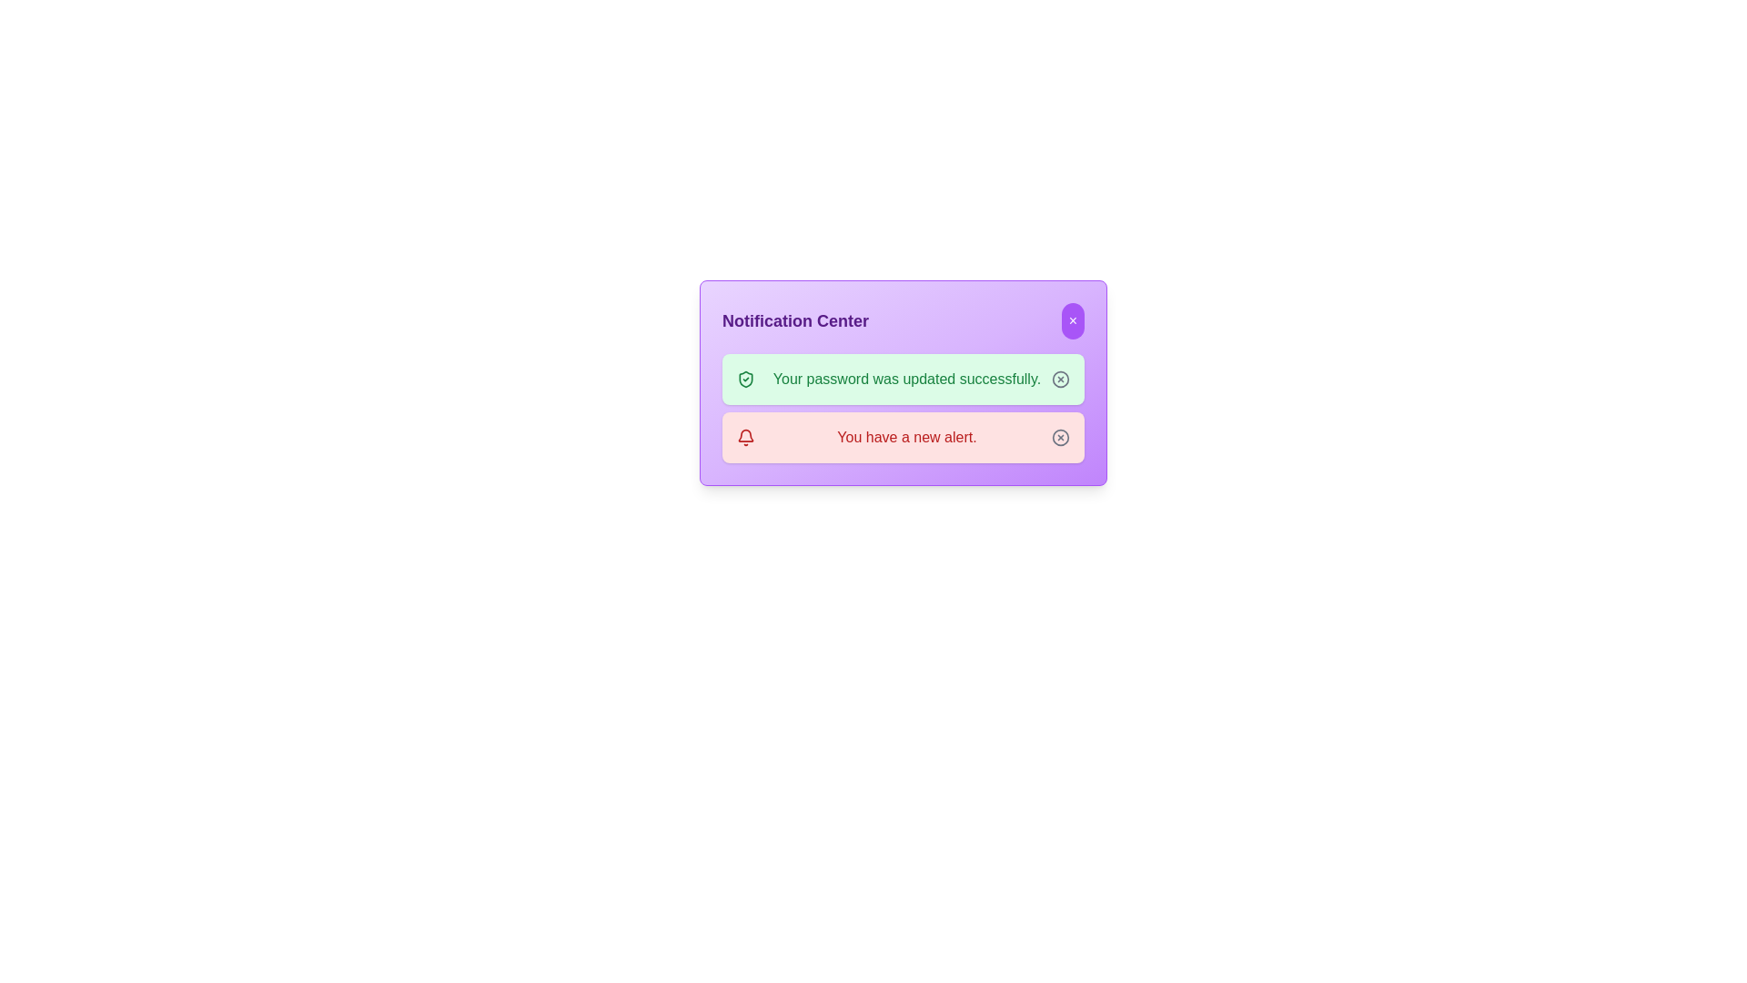  Describe the element at coordinates (746, 438) in the screenshot. I see `the bell icon located in the alert notification panel adjacent to the text 'You have a new alert.'` at that location.